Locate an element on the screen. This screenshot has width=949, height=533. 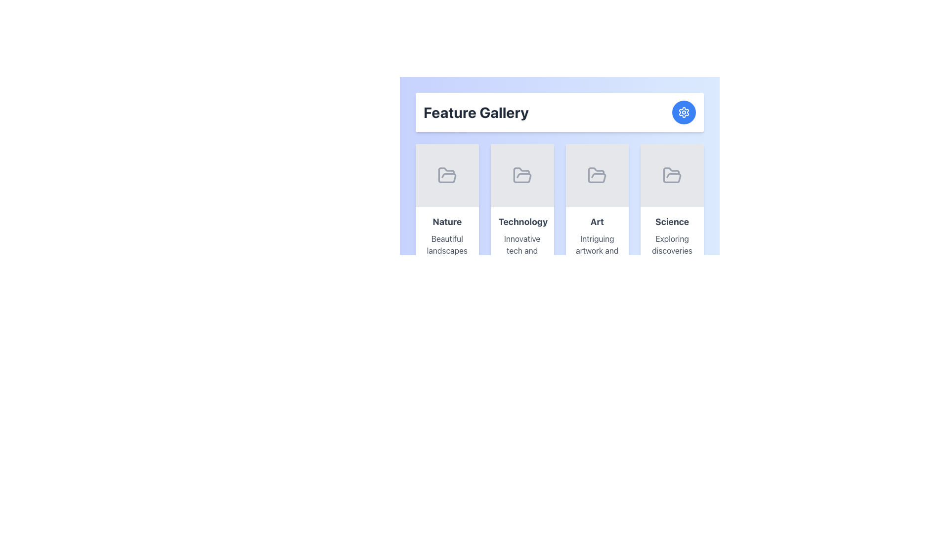
the 'Technology' card in the gallery is located at coordinates (521, 255).